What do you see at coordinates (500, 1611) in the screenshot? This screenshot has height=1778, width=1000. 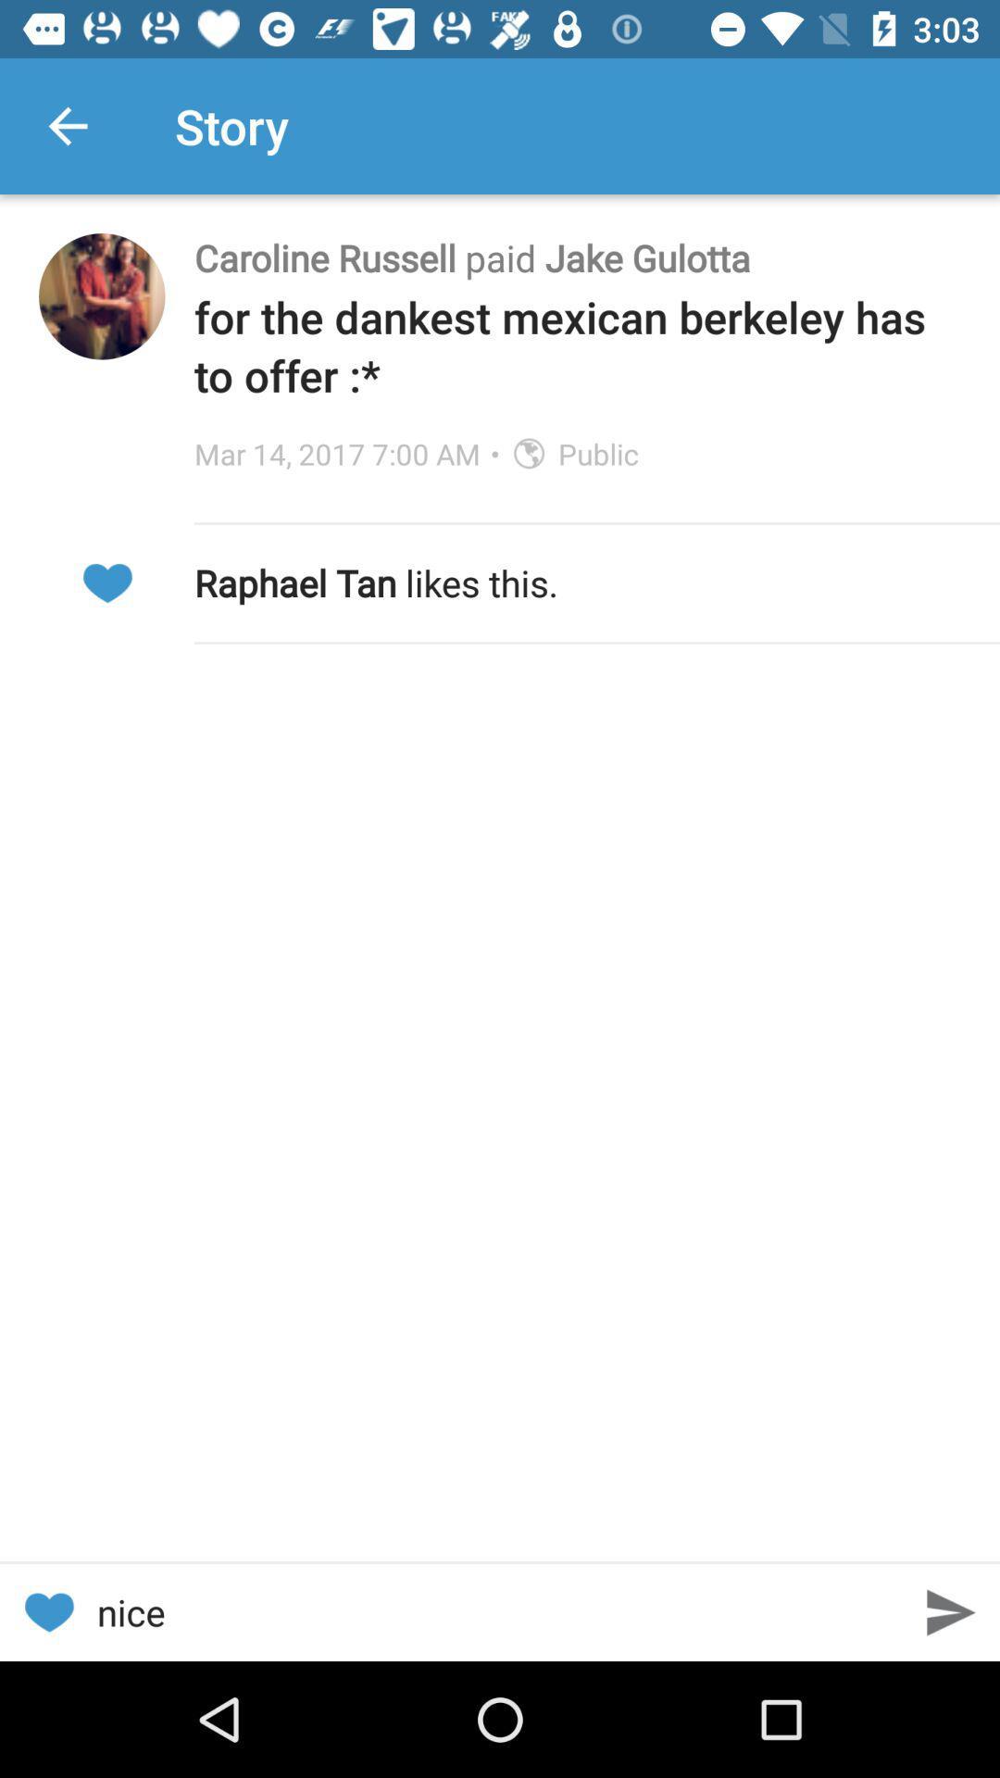 I see `nice icon` at bounding box center [500, 1611].